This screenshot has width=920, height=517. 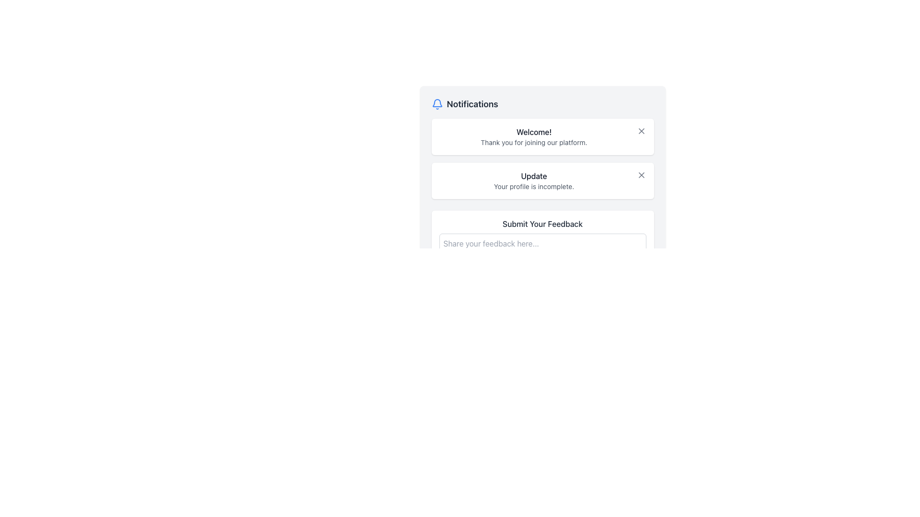 I want to click on greeting text displayed in the notification panel, located near the top to the right of the blue bell icon labeled 'Notifications', so click(x=533, y=132).